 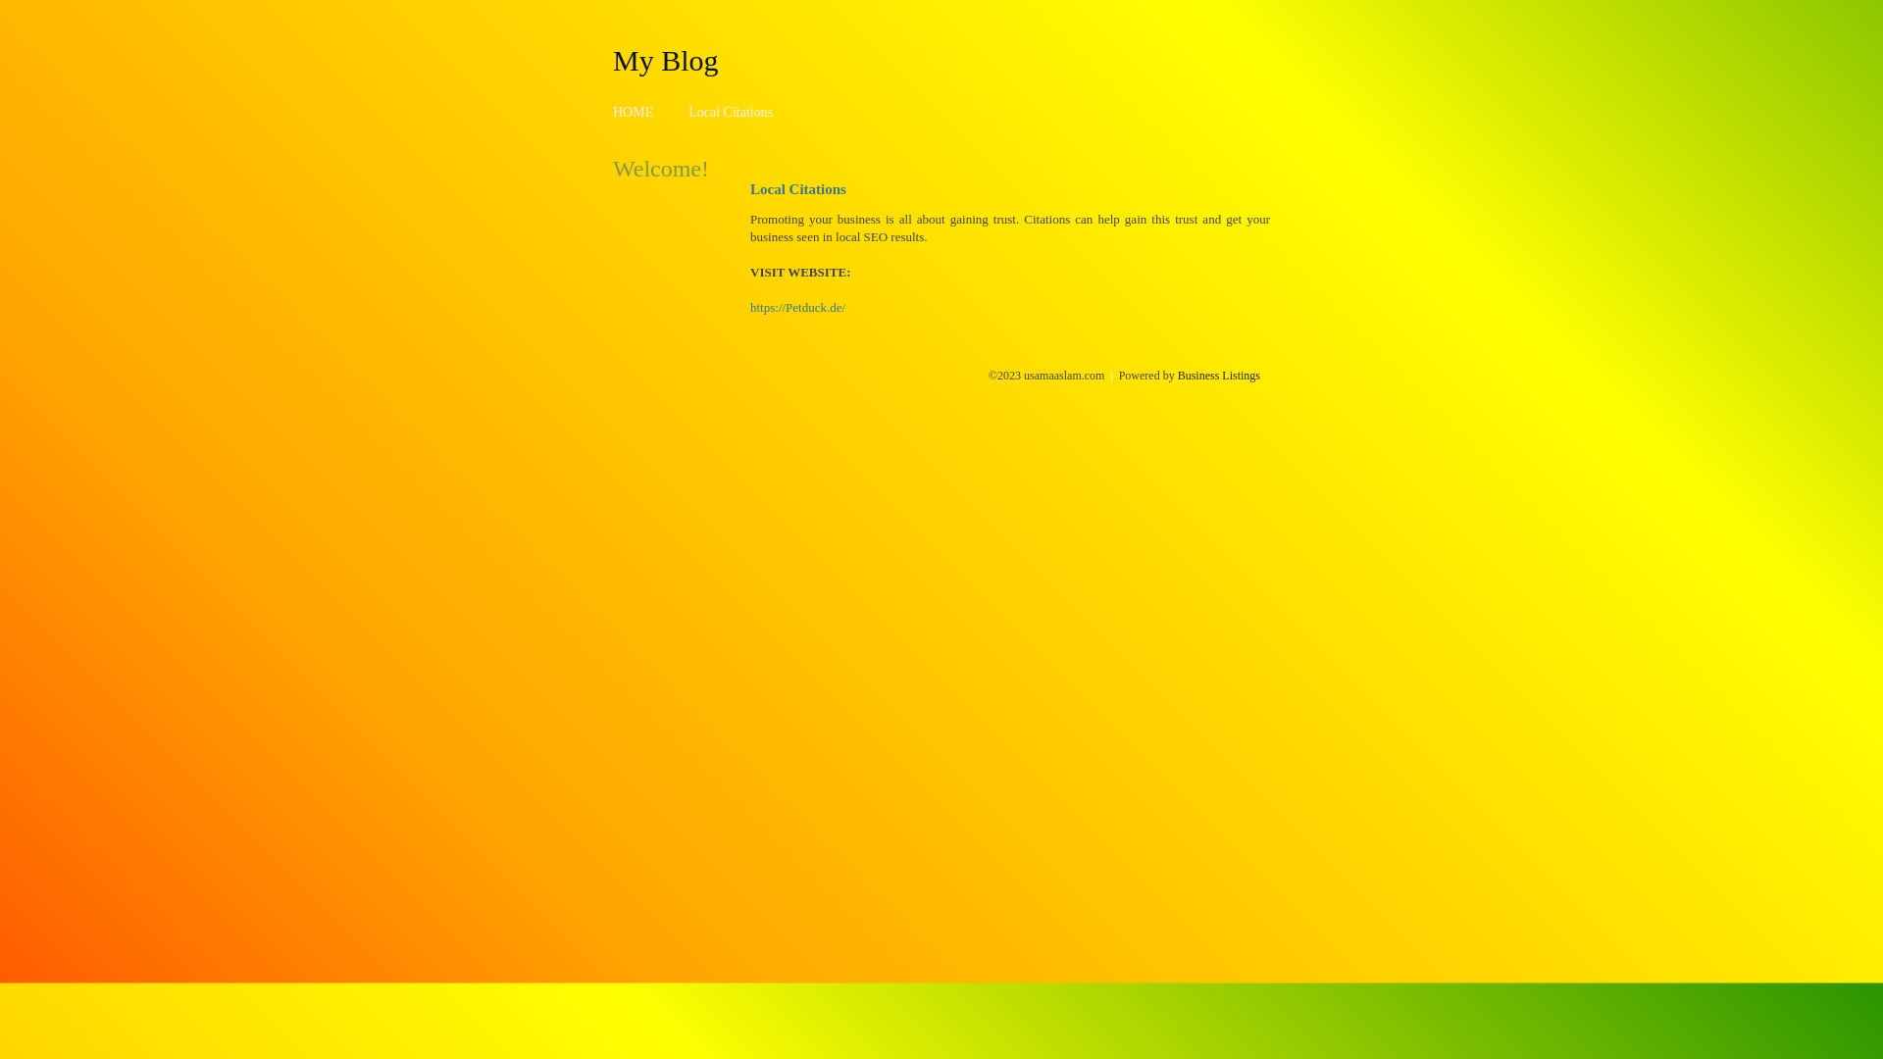 I want to click on 'Business Listings', so click(x=1218, y=375).